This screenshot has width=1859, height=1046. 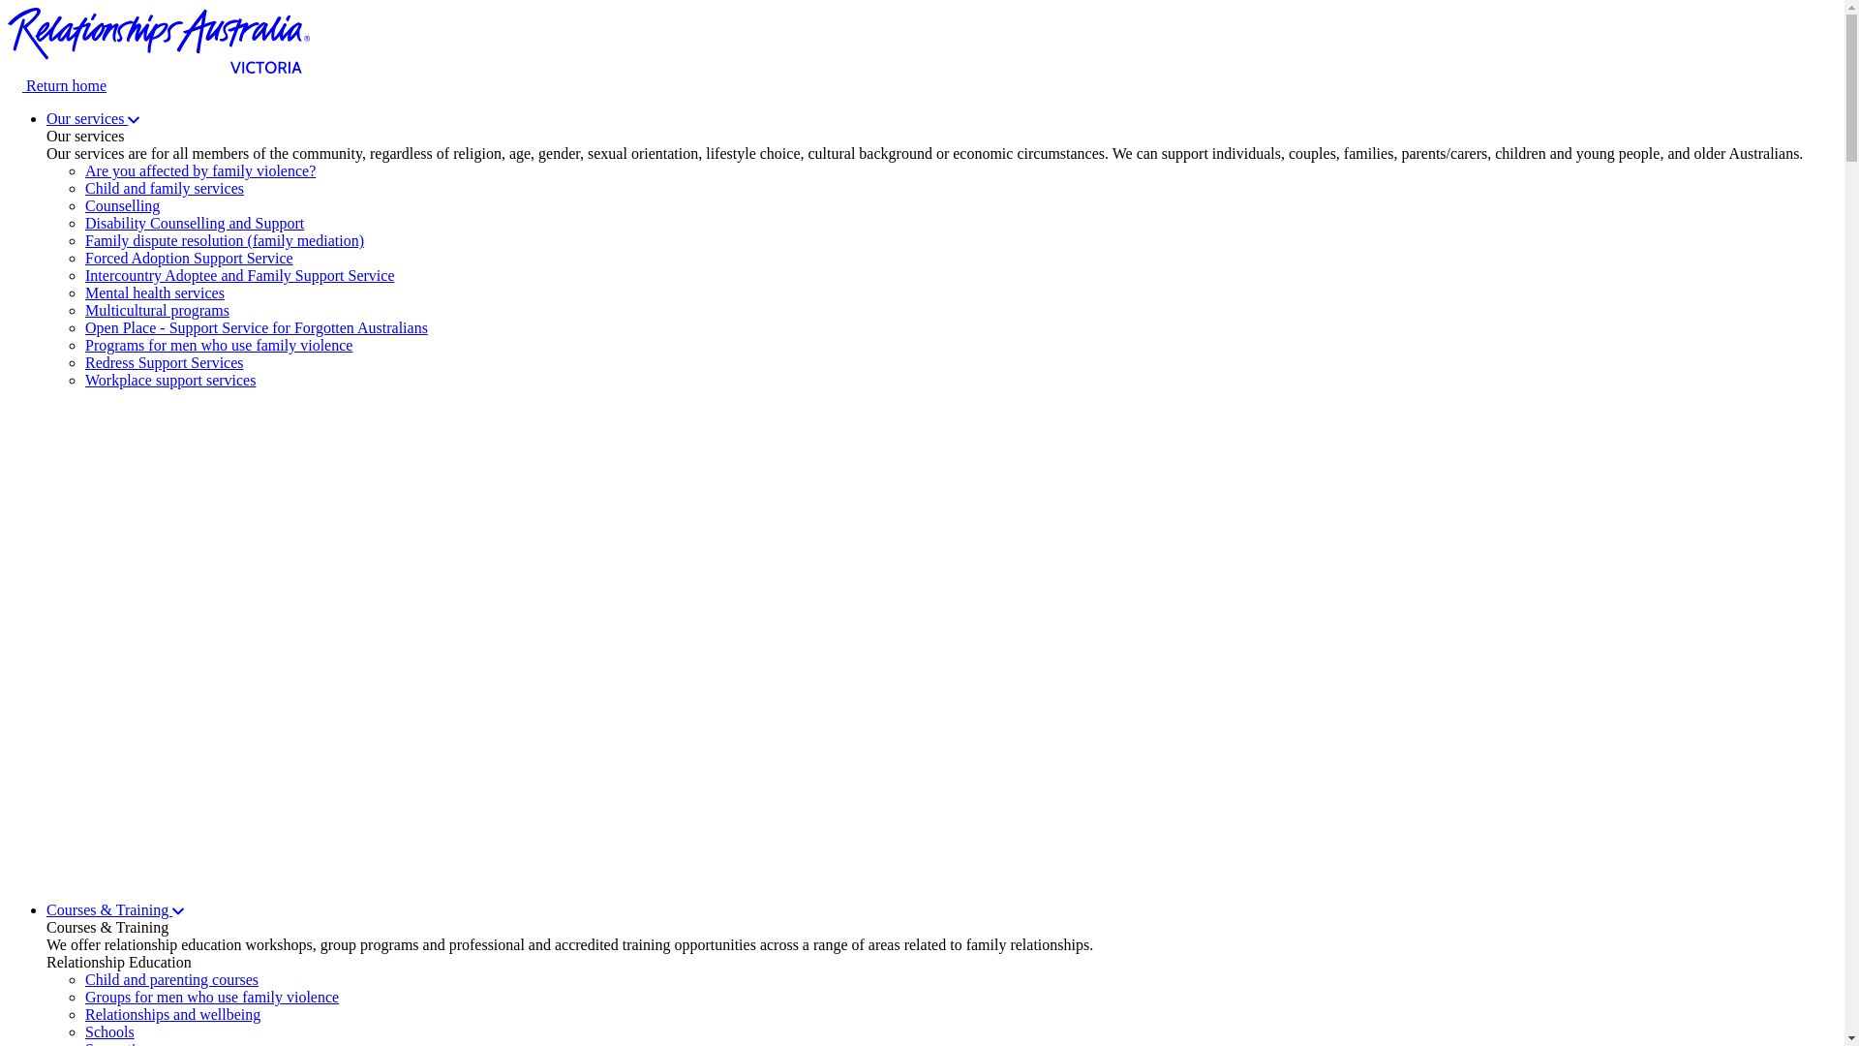 What do you see at coordinates (83, 380) in the screenshot?
I see `'Workplace support services'` at bounding box center [83, 380].